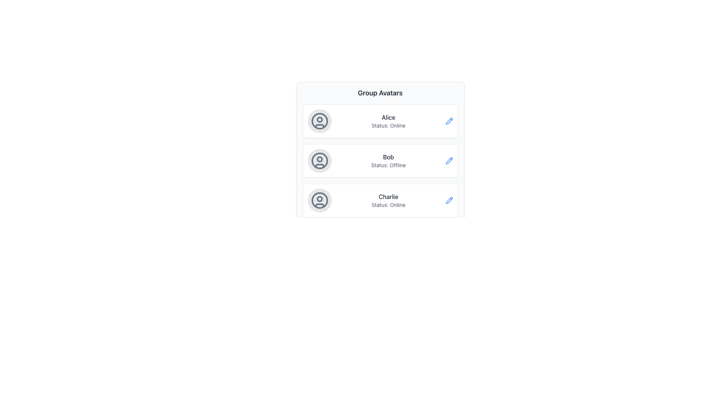 This screenshot has width=719, height=404. What do you see at coordinates (319, 126) in the screenshot?
I see `the bottom part of the user avatar icon representing the user 'Alice' in the Group Avatars list` at bounding box center [319, 126].